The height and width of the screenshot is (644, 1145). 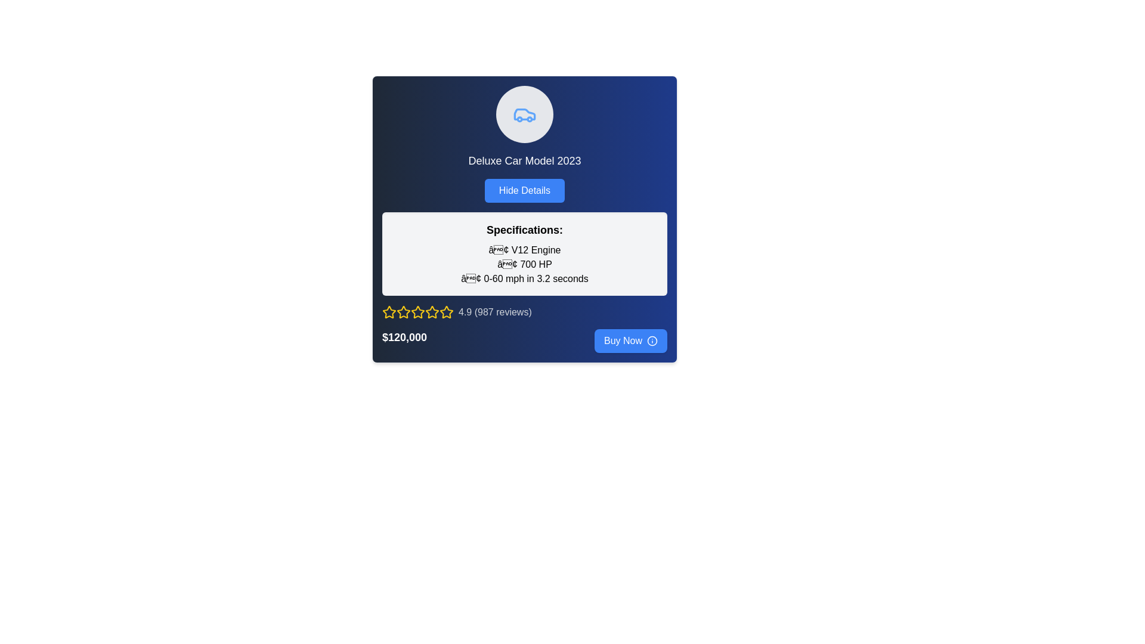 What do you see at coordinates (389, 312) in the screenshot?
I see `the first star-shaped icon with a yellow border and hollow center, located in the bottom-left section of the card interface` at bounding box center [389, 312].